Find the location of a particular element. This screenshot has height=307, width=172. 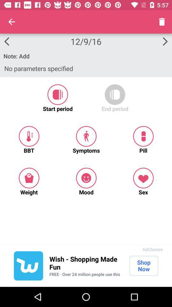

icon to the right of wish shopping made icon is located at coordinates (144, 266).